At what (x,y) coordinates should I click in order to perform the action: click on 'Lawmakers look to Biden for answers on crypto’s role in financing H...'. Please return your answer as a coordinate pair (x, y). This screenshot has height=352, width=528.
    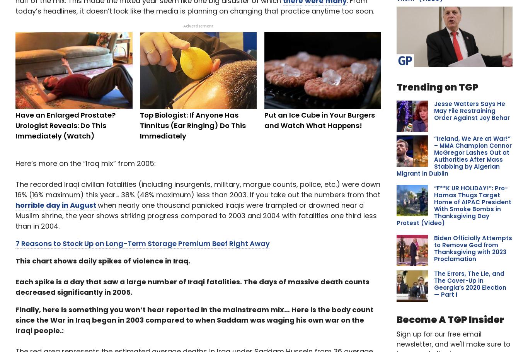
    Looking at the image, I should click on (467, 120).